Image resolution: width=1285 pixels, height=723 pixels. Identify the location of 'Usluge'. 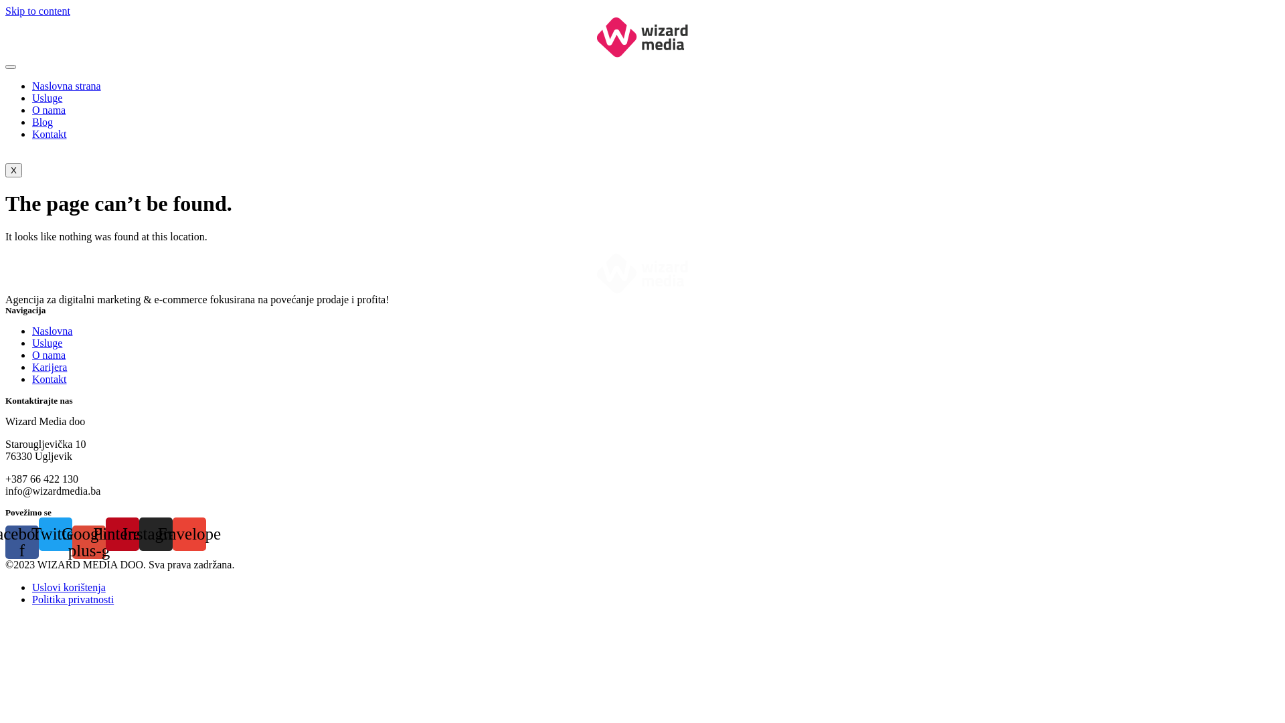
(47, 342).